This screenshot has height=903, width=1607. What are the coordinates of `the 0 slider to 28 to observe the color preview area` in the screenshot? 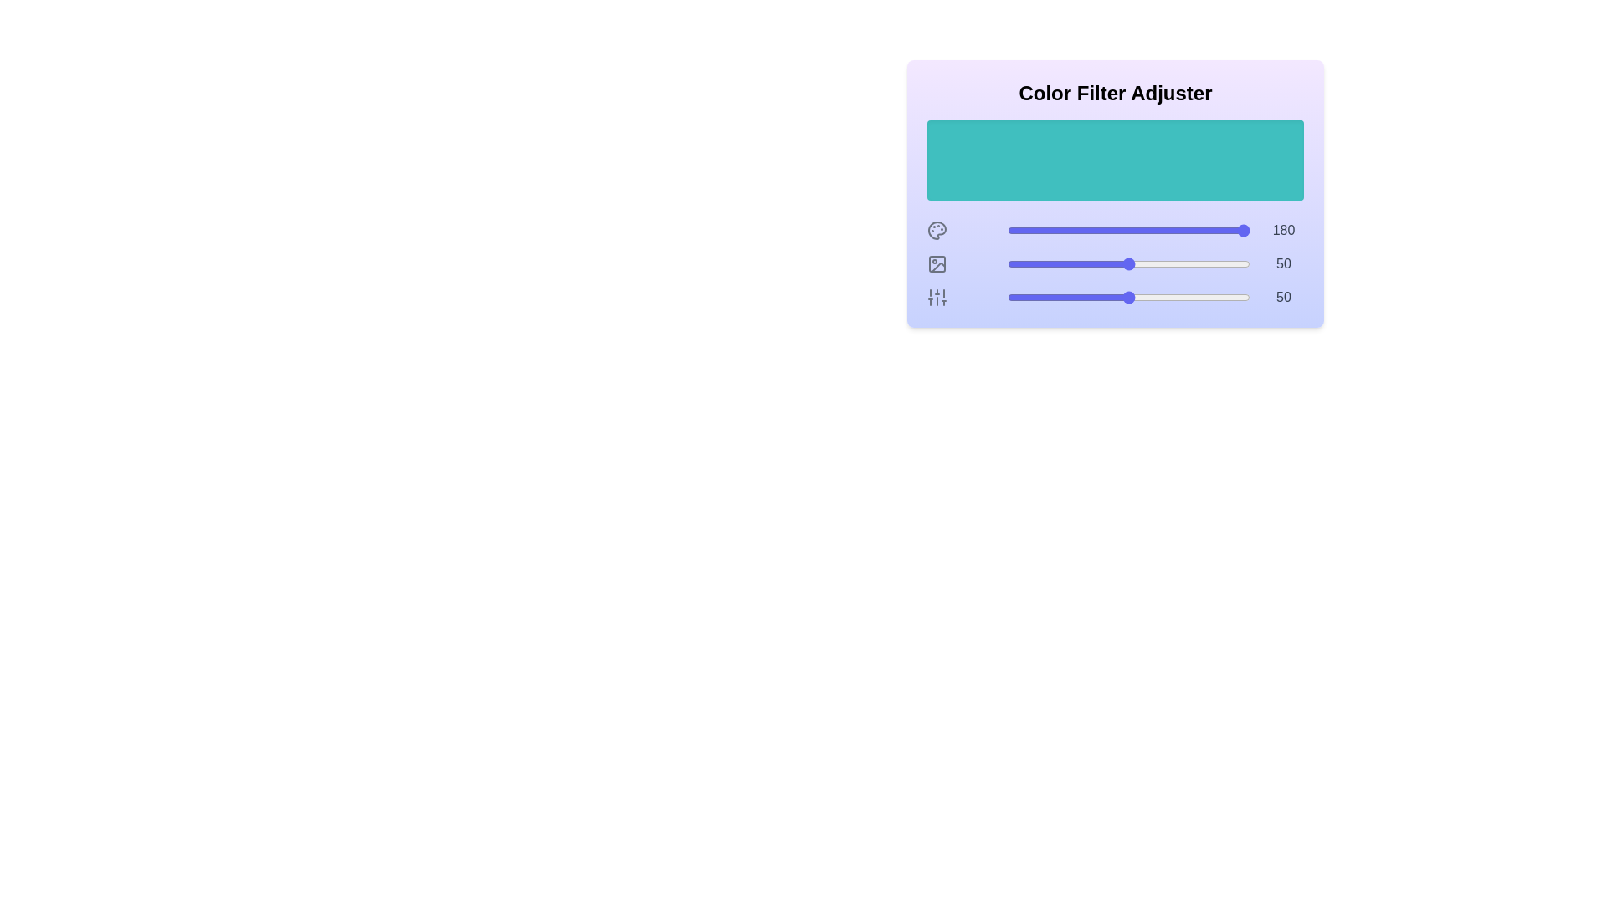 It's located at (1076, 231).